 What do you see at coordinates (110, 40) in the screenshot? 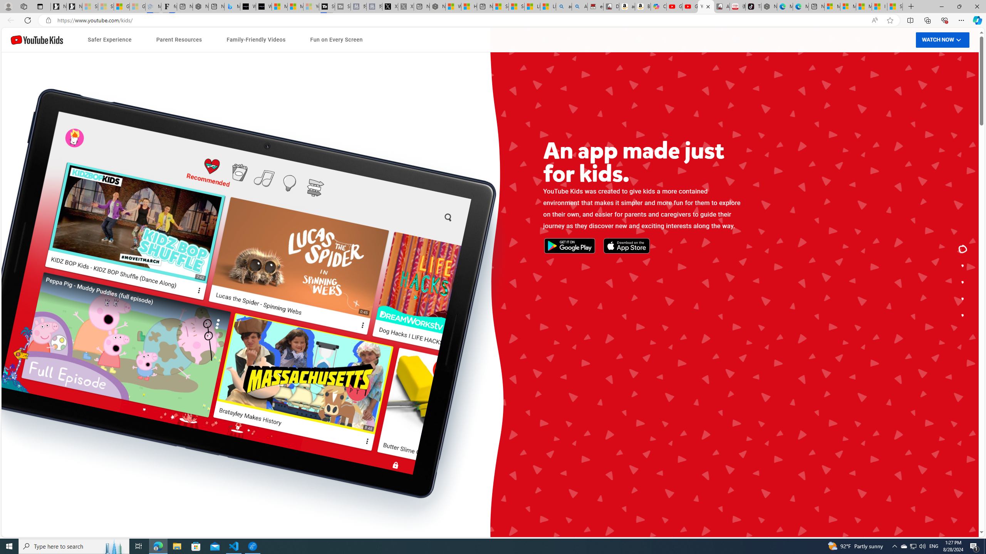
I see `'Safer Experience'` at bounding box center [110, 40].